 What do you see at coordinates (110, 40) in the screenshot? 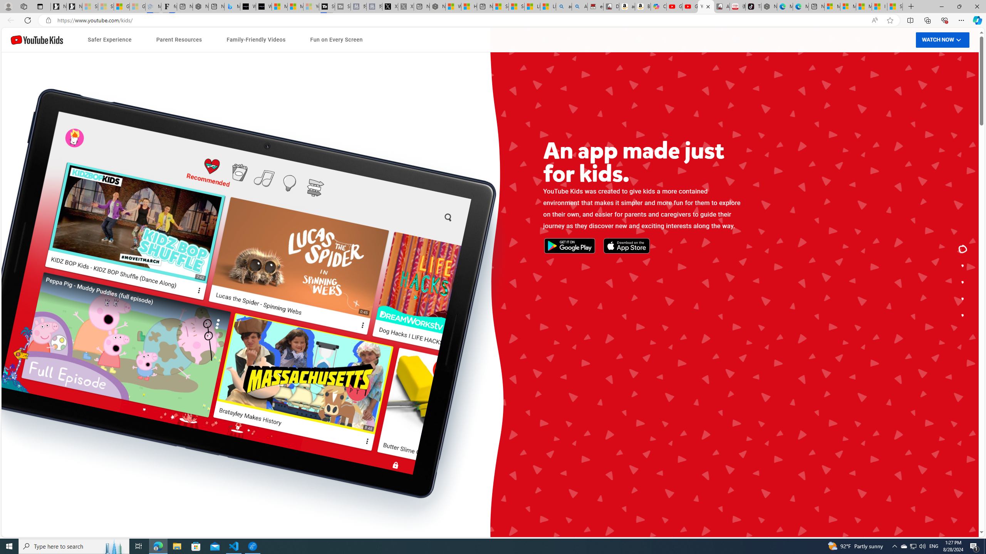
I see `'Safer Experience'` at bounding box center [110, 40].